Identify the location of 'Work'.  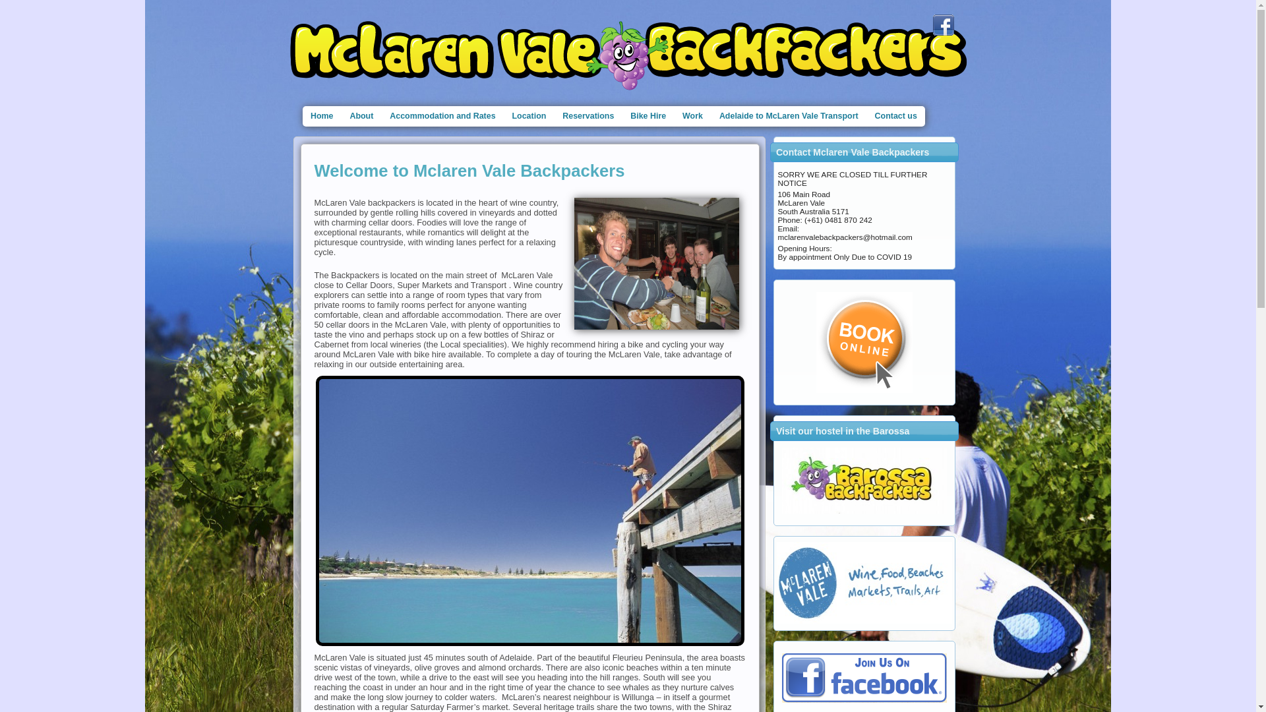
(674, 115).